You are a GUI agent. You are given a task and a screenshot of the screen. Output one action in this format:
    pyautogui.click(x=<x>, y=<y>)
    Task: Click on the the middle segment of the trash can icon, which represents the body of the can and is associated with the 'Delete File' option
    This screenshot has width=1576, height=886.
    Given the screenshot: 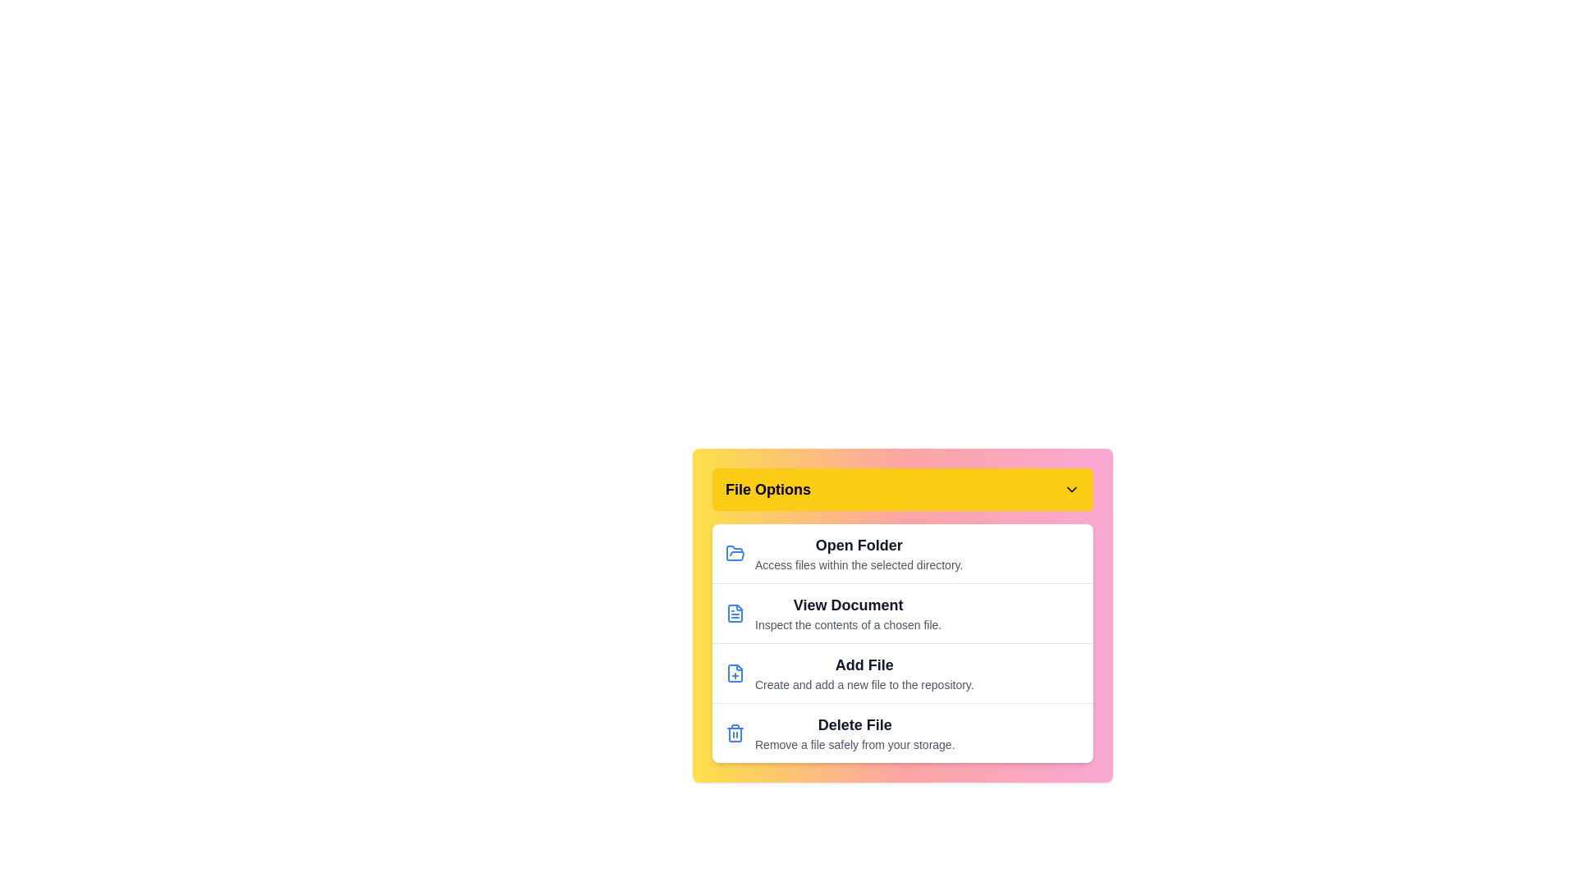 What is the action you would take?
    pyautogui.click(x=735, y=733)
    